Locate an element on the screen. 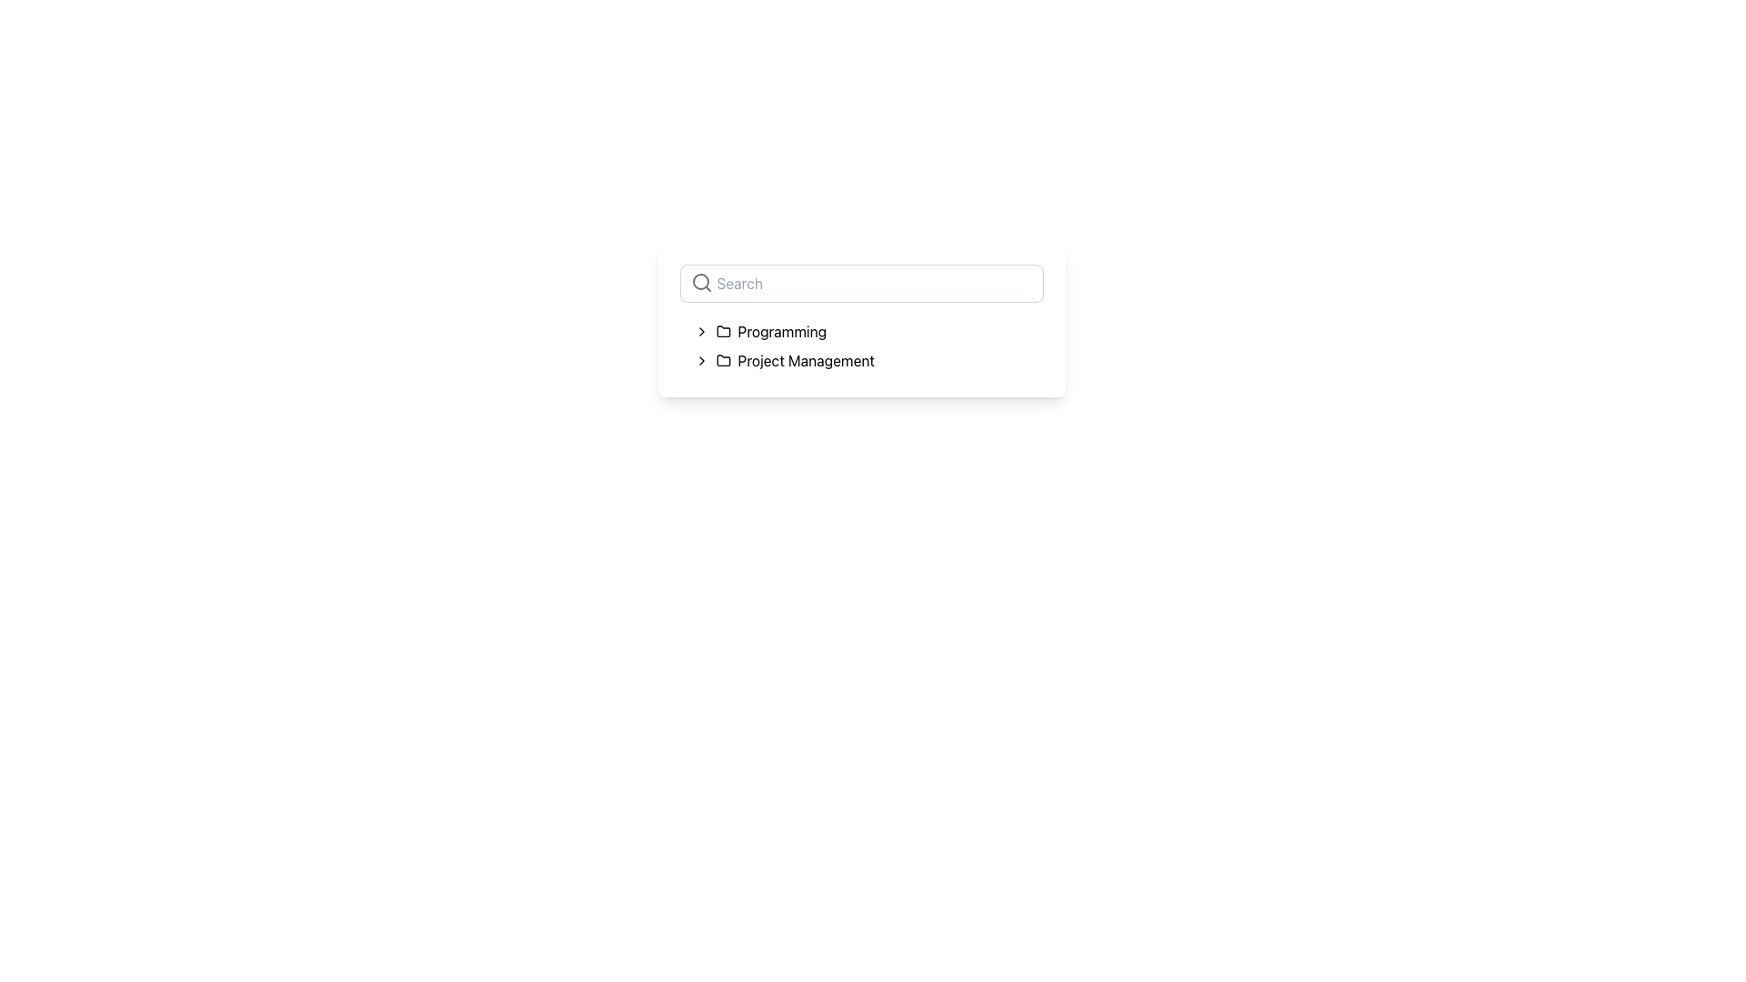 The height and width of the screenshot is (982, 1746). the 'Project Management' menu item text label, which is the second item in a vertical list beneath a search bar and below the 'Programming' item is located at coordinates (868, 361).